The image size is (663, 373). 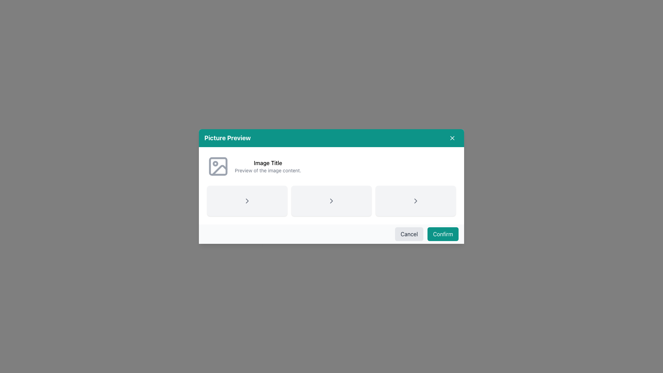 What do you see at coordinates (268, 170) in the screenshot?
I see `text element located below 'Image Title' in the 'Picture Preview' modal dialog, which provides a textual description or preview of the content being referenced` at bounding box center [268, 170].